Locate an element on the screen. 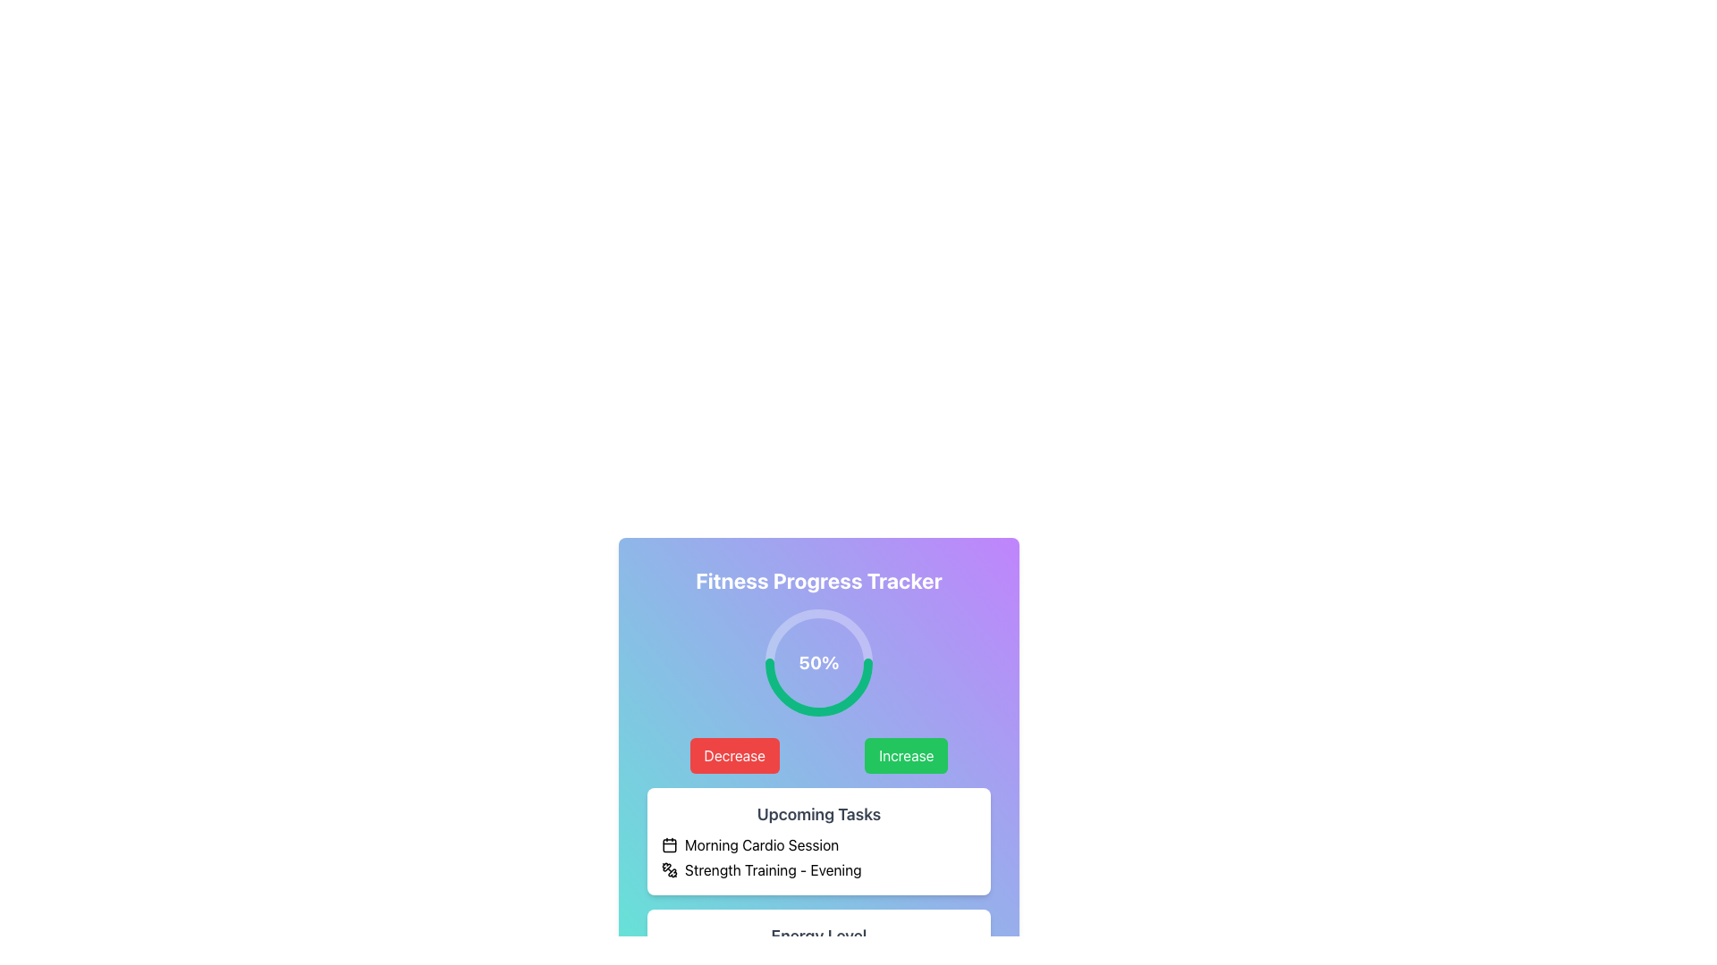 The image size is (1717, 965). the second button to the right of the red 'Decrease' button, which is used to increase a value in the 'Fitness Progress Tracker' is located at coordinates (906, 755).